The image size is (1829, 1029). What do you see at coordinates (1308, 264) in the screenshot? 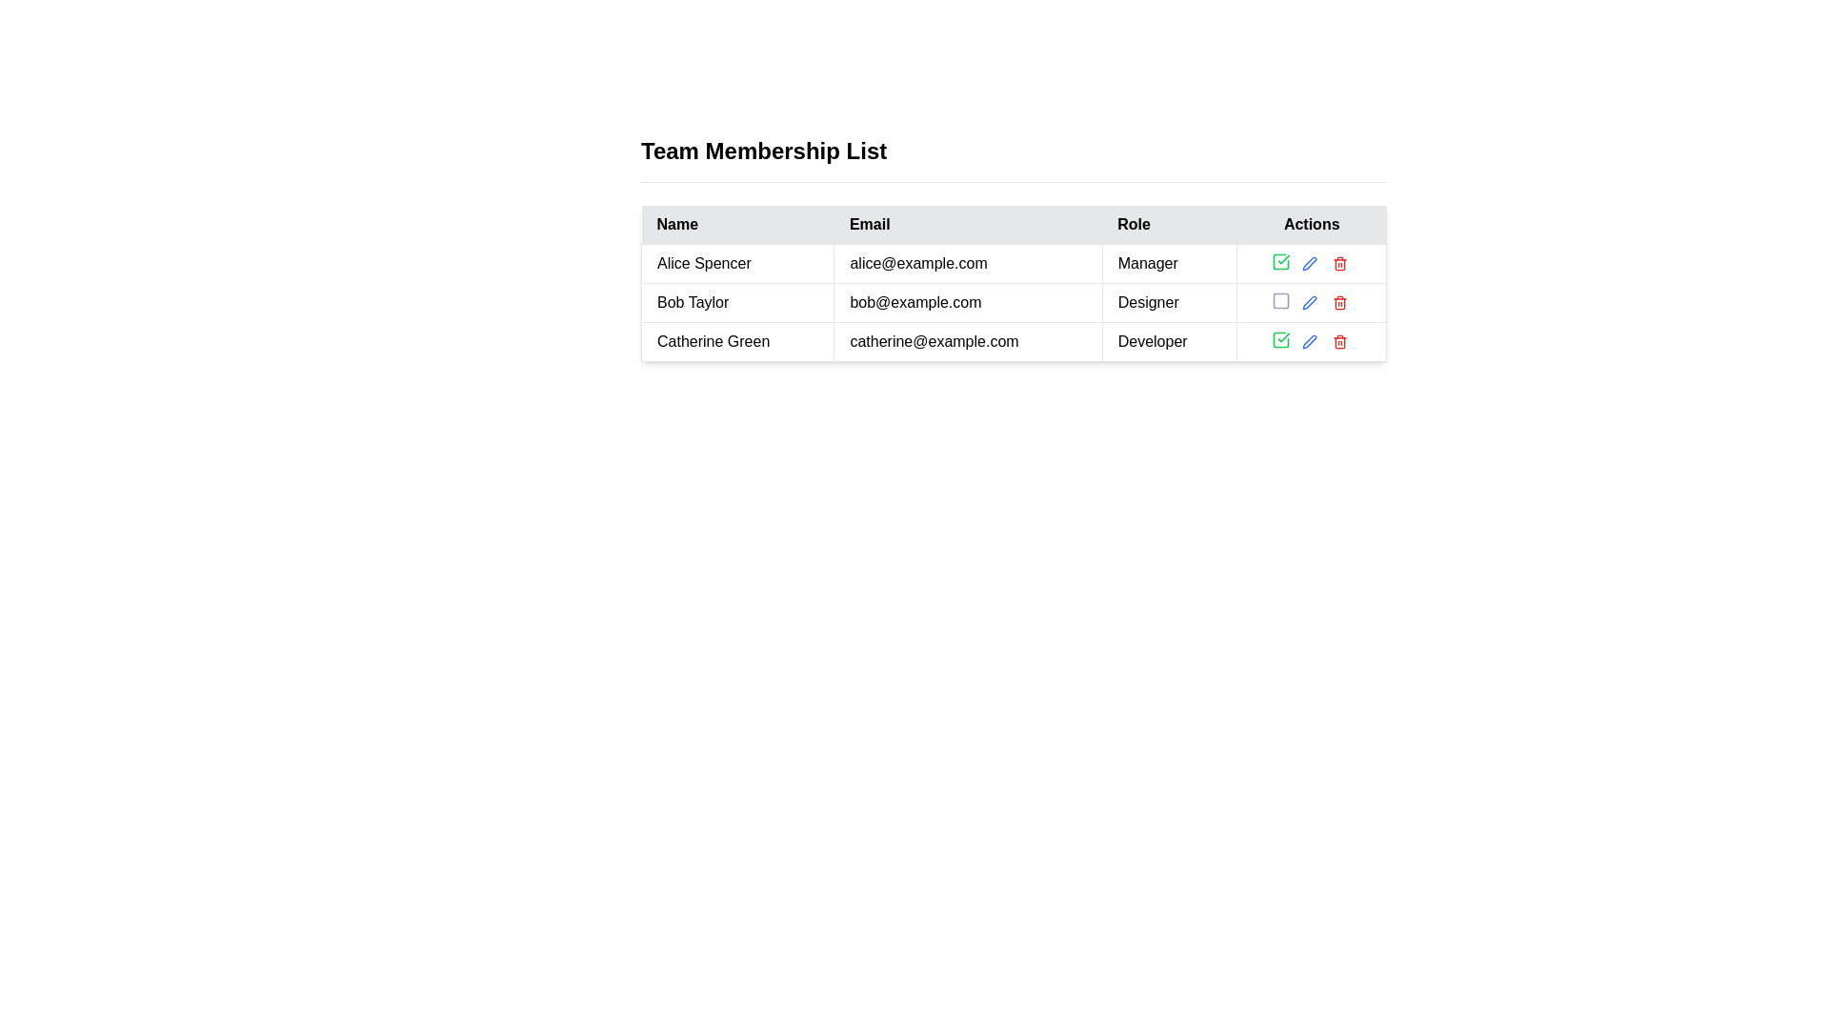
I see `the edit icon in the 'Actions' column of the second row` at bounding box center [1308, 264].